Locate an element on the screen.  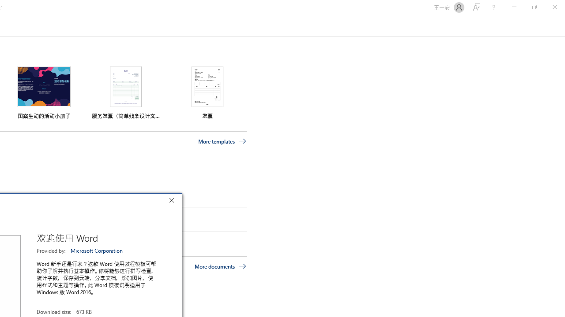
'More documents' is located at coordinates (220, 265).